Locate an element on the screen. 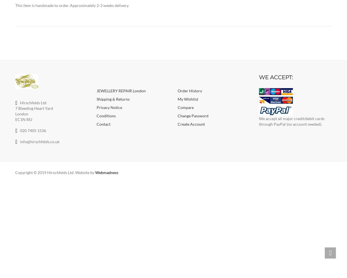 This screenshot has height=278, width=347. 'Contact' is located at coordinates (103, 123).